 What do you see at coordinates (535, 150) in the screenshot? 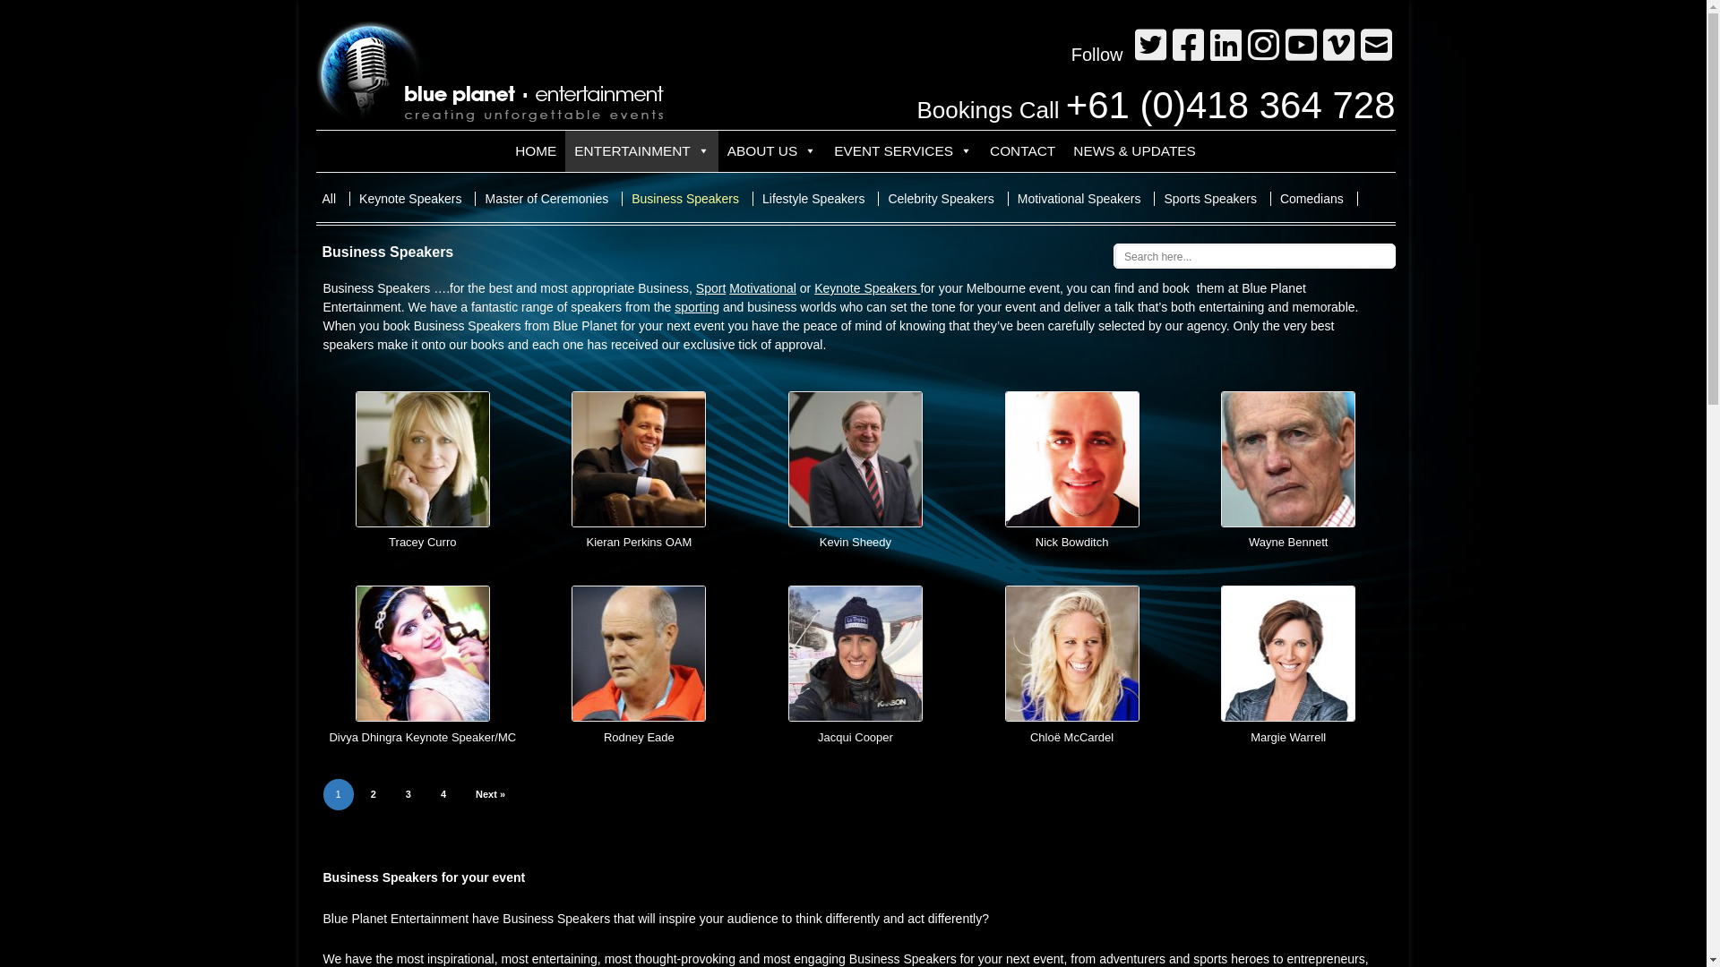
I see `'HOME'` at bounding box center [535, 150].